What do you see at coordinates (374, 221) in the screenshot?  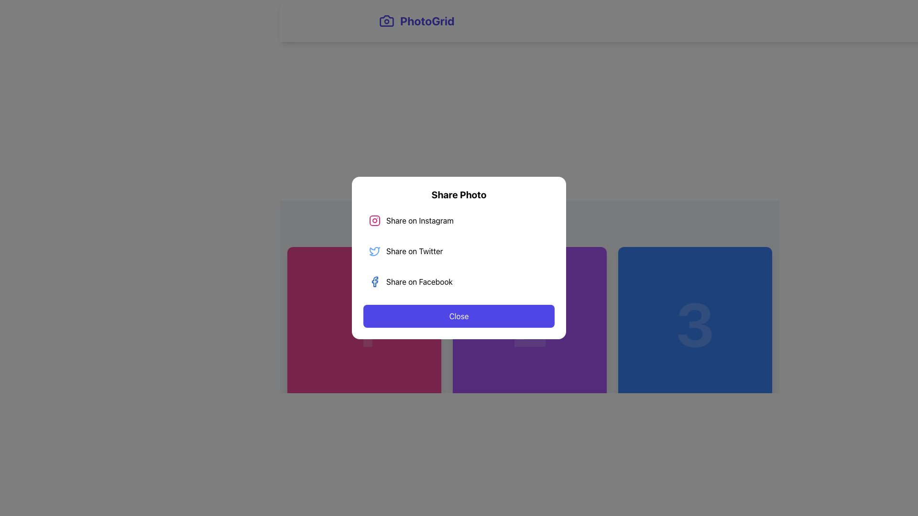 I see `the Instagram sharing icon located in the top row of the options modal, to the left of the 'Share on Instagram' text, for tooltip or visual feedback` at bounding box center [374, 221].